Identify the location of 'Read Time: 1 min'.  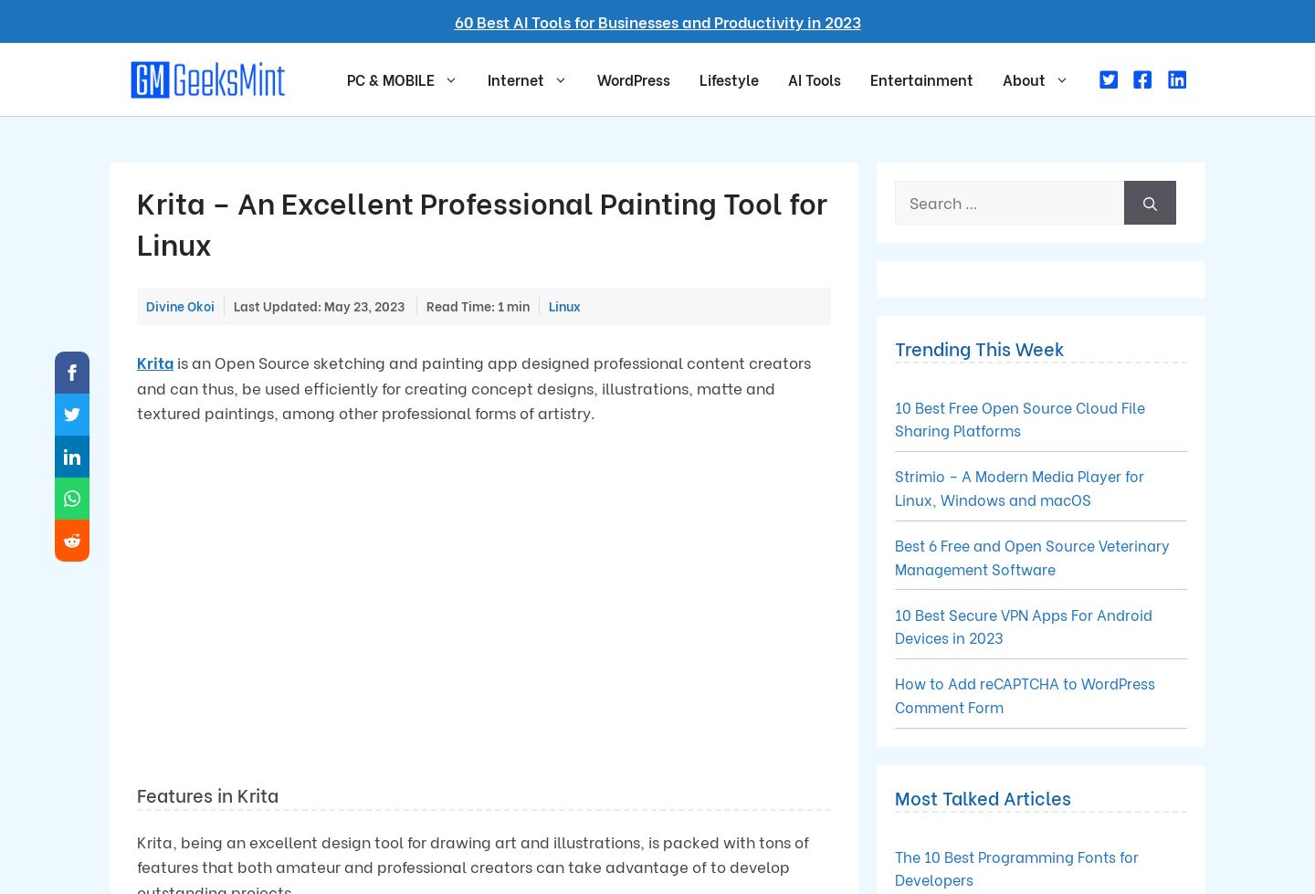
(477, 306).